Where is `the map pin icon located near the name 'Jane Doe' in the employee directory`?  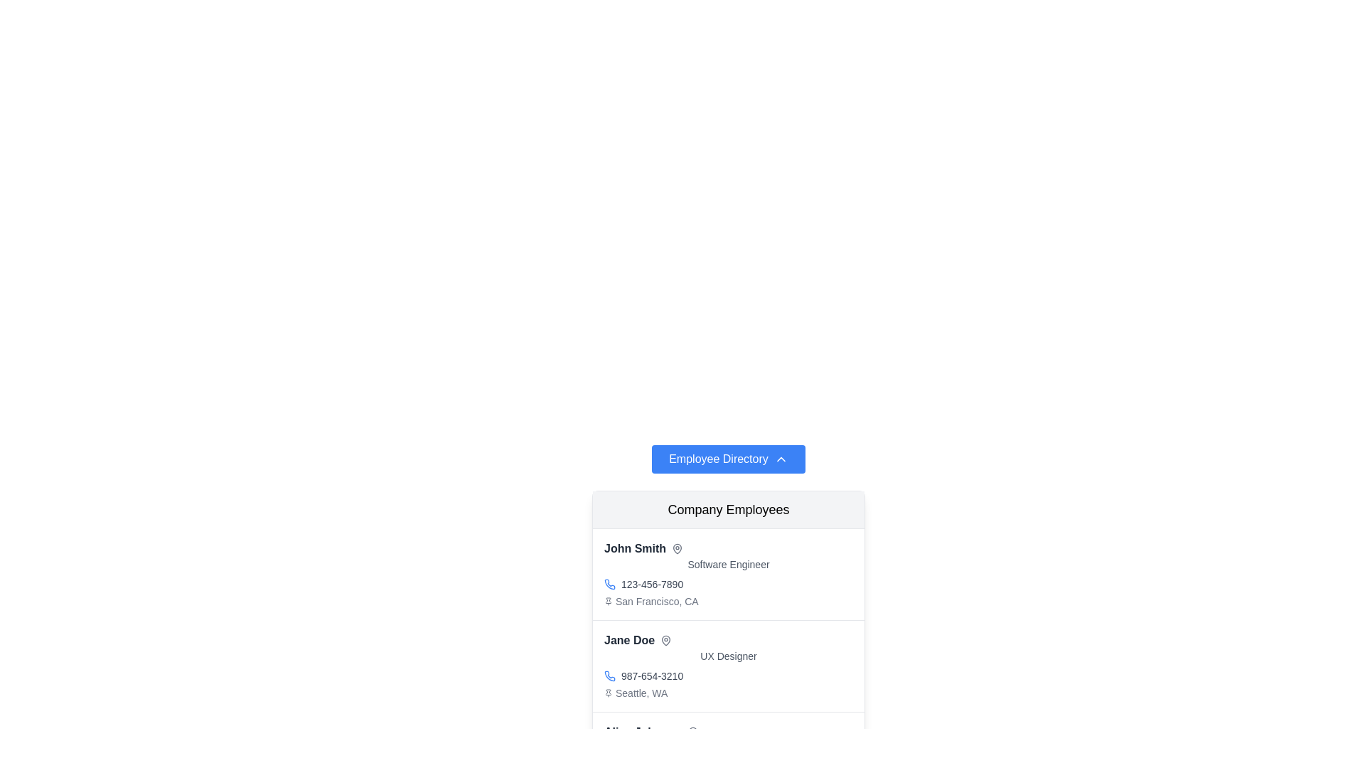
the map pin icon located near the name 'Jane Doe' in the employee directory is located at coordinates (665, 641).